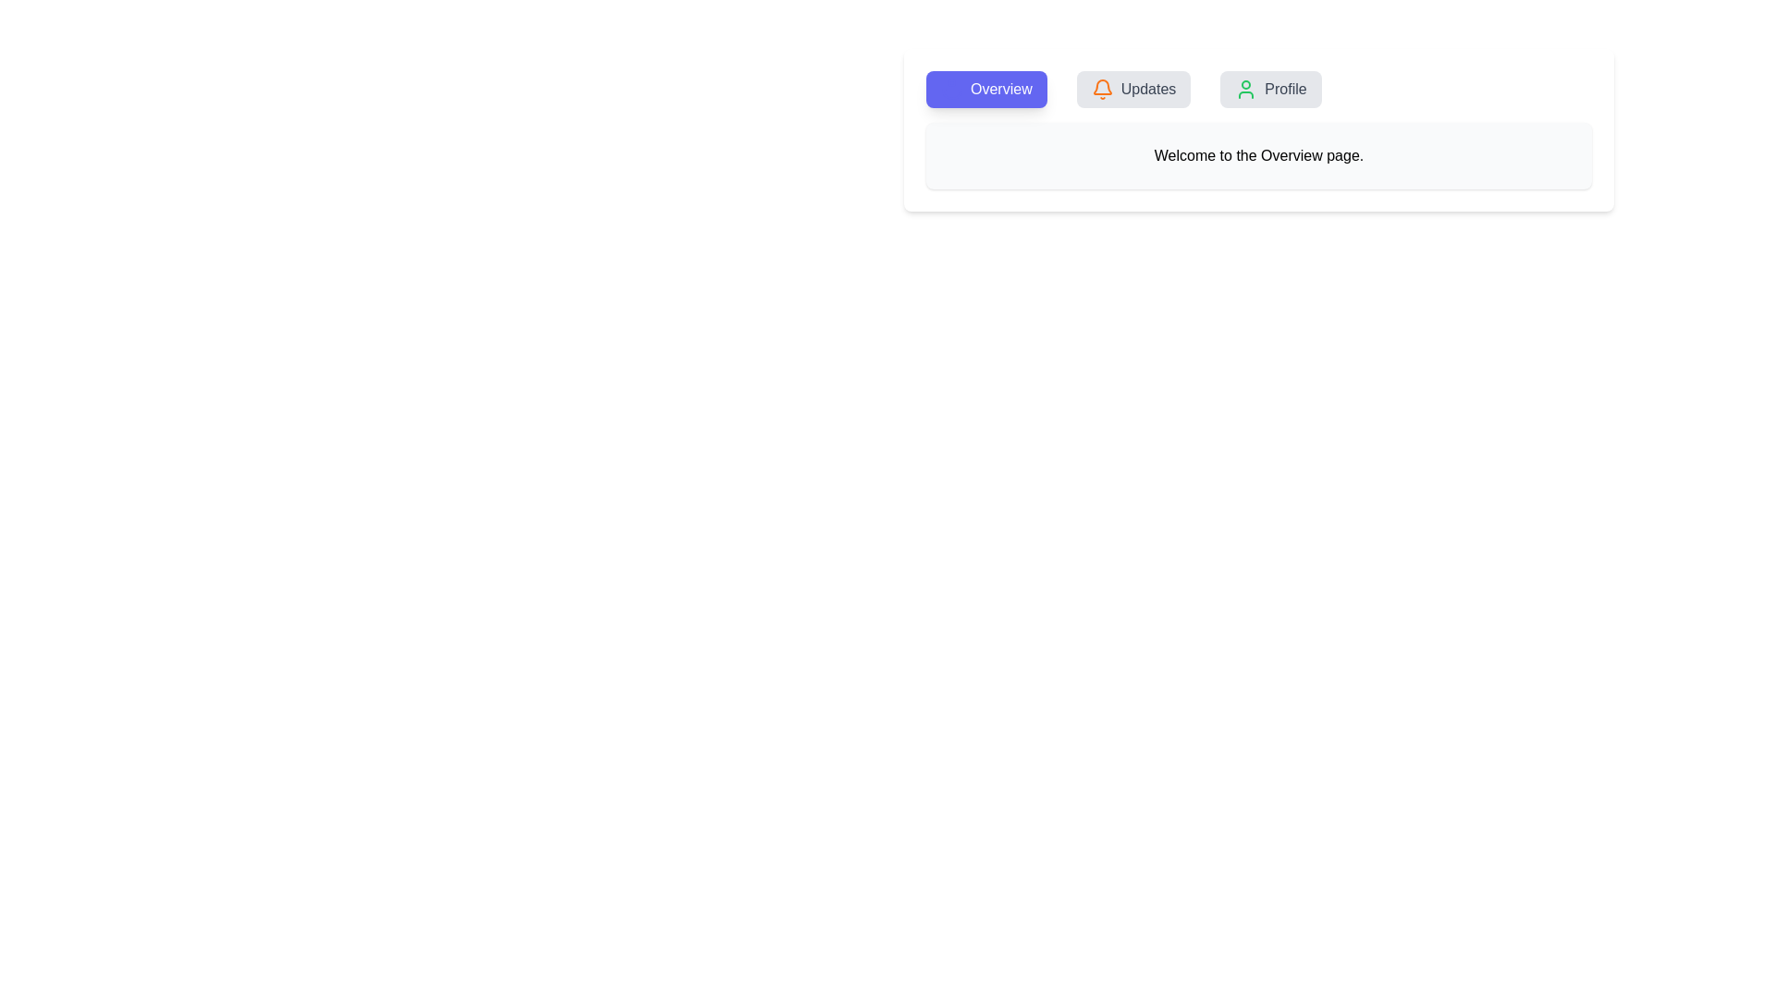  I want to click on the Updates tab to view its content, so click(1132, 89).